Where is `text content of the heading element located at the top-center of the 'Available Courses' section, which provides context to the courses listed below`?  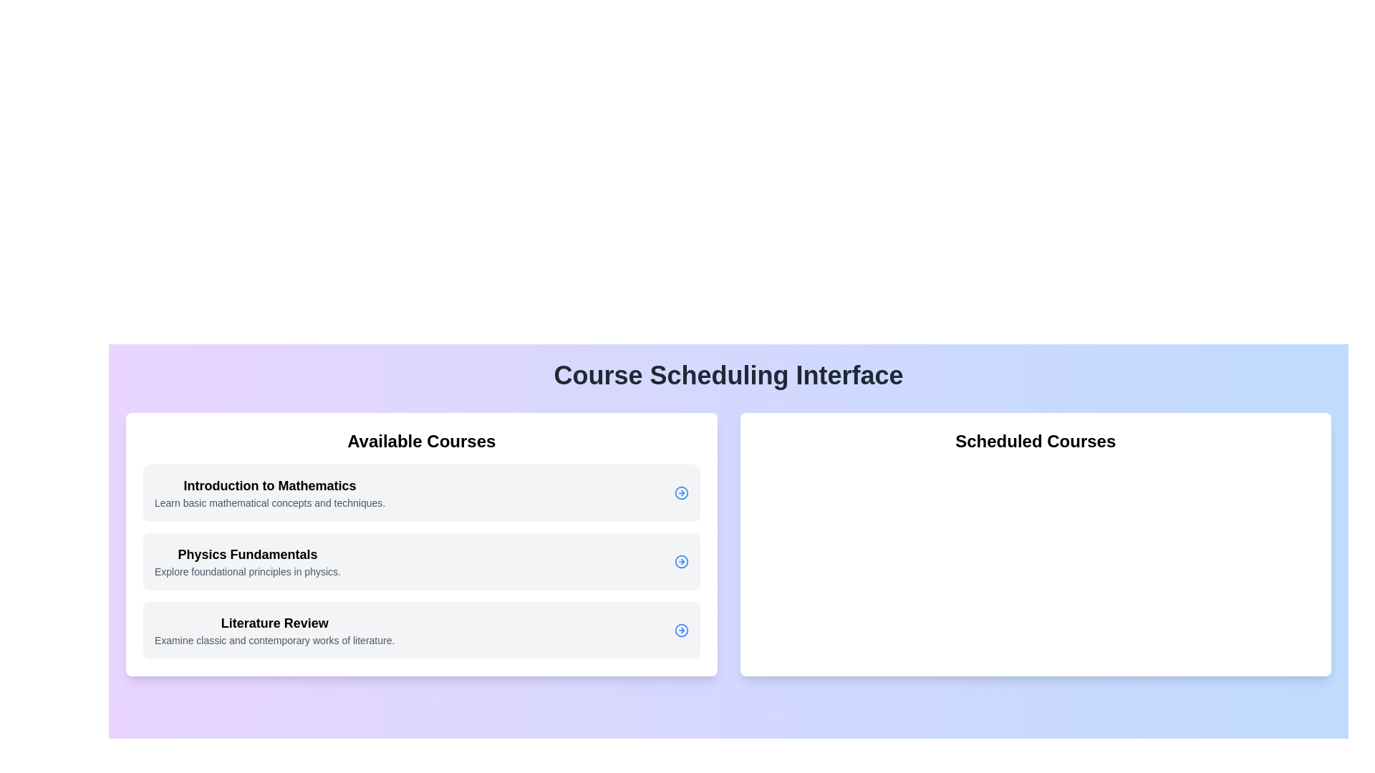 text content of the heading element located at the top-center of the 'Available Courses' section, which provides context to the courses listed below is located at coordinates (420, 441).